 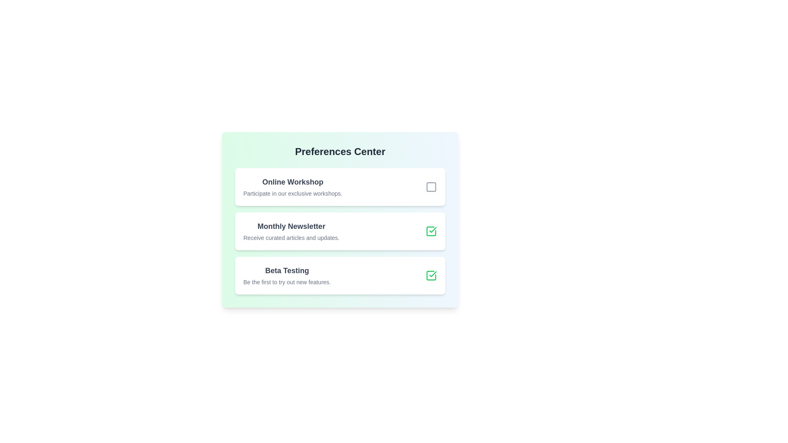 What do you see at coordinates (293, 181) in the screenshot?
I see `the text element reading 'Online Workshop' styled in bold and large font located at the top left of the 'Preferences Center' panel` at bounding box center [293, 181].